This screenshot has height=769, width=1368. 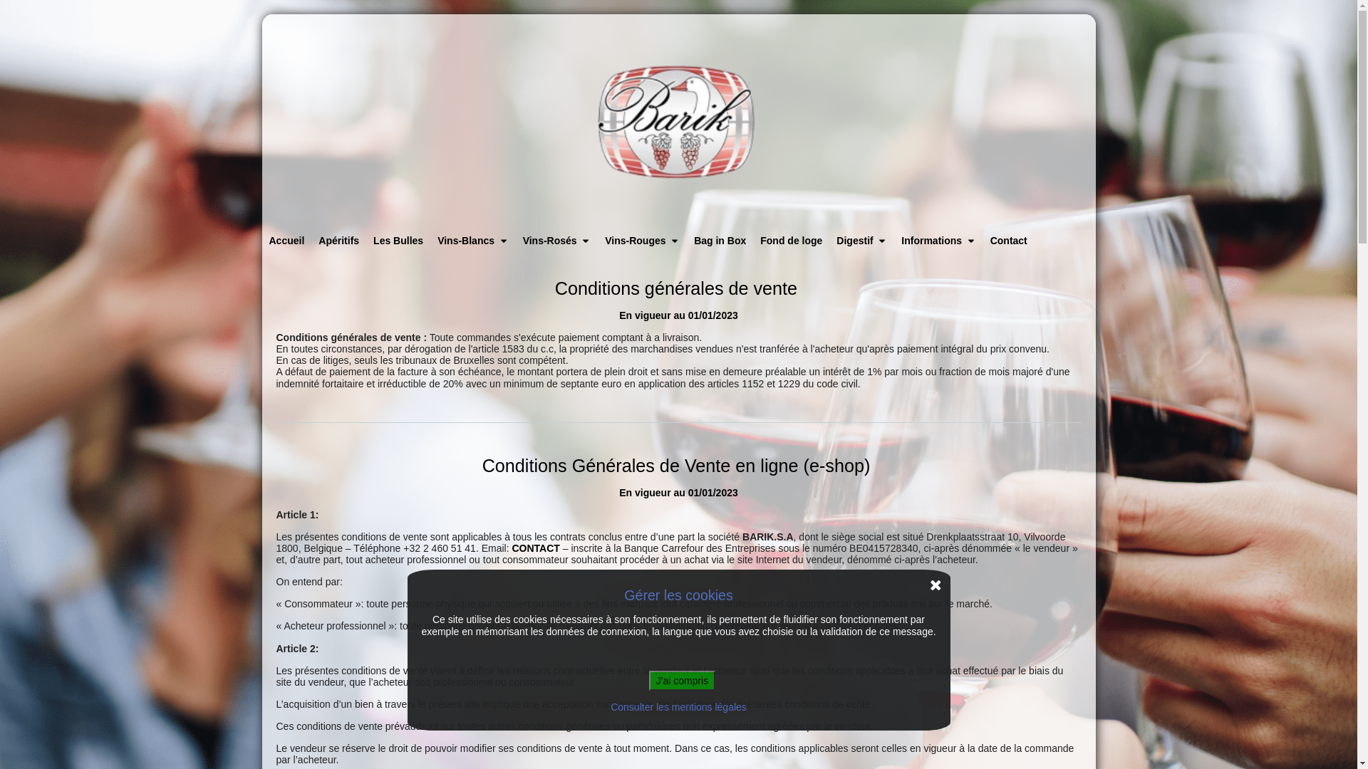 I want to click on 'Contact', so click(x=1008, y=240).